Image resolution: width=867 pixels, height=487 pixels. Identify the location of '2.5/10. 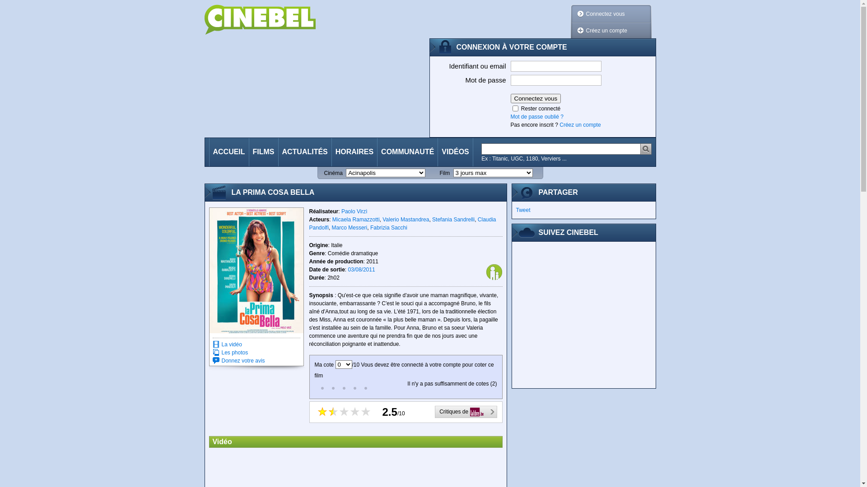
(405, 412).